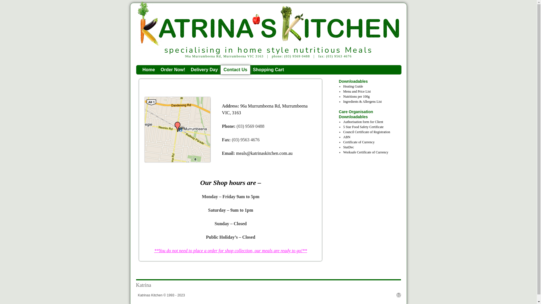  I want to click on 'Powered by WordPress', so click(398, 295).